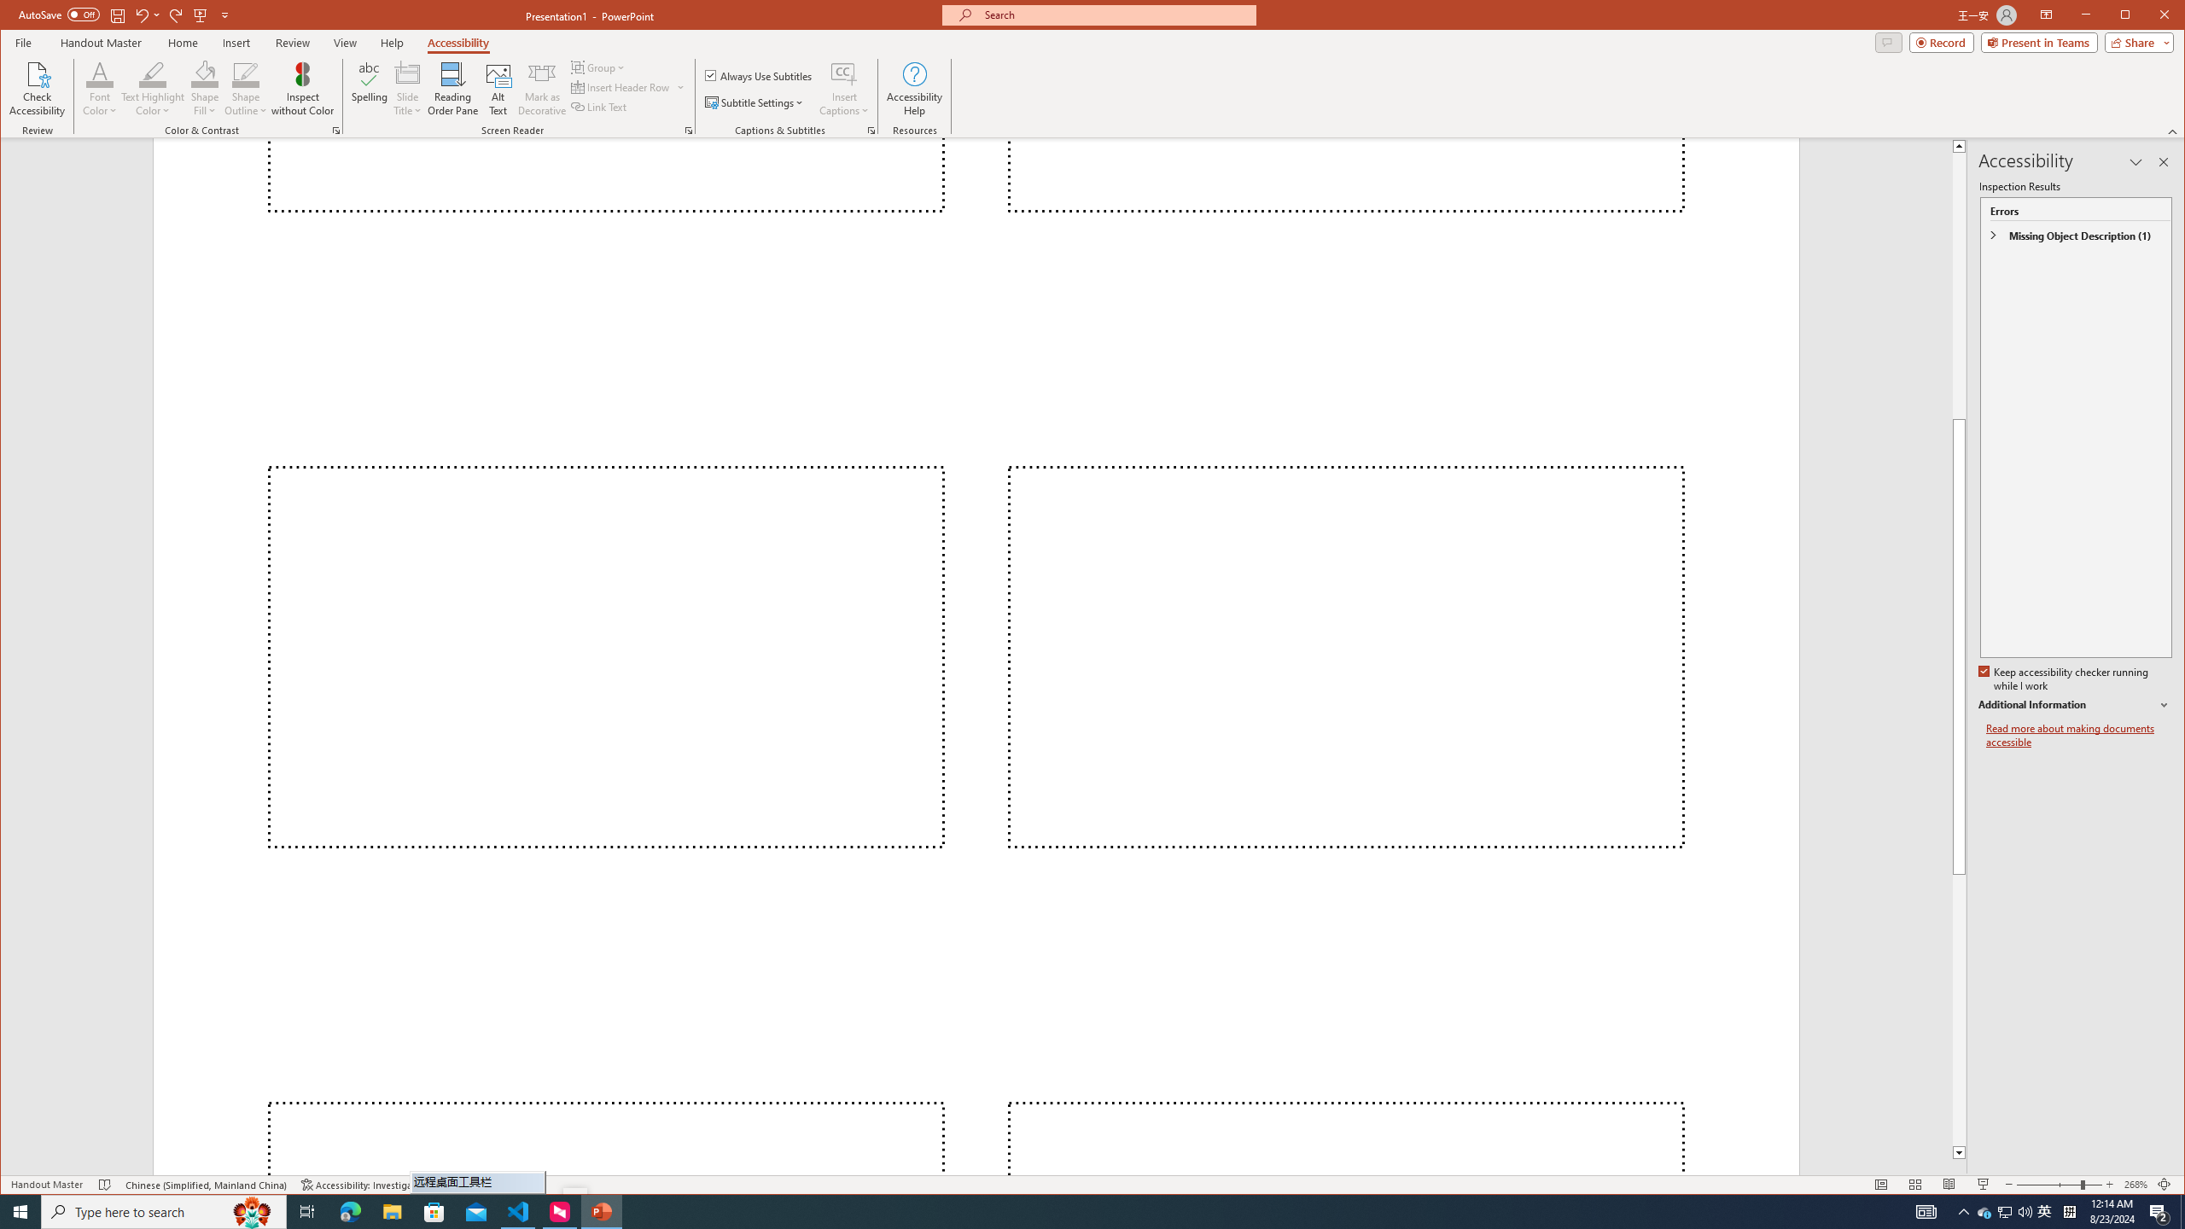  Describe the element at coordinates (758, 74) in the screenshot. I see `'Always Use Subtitles'` at that location.